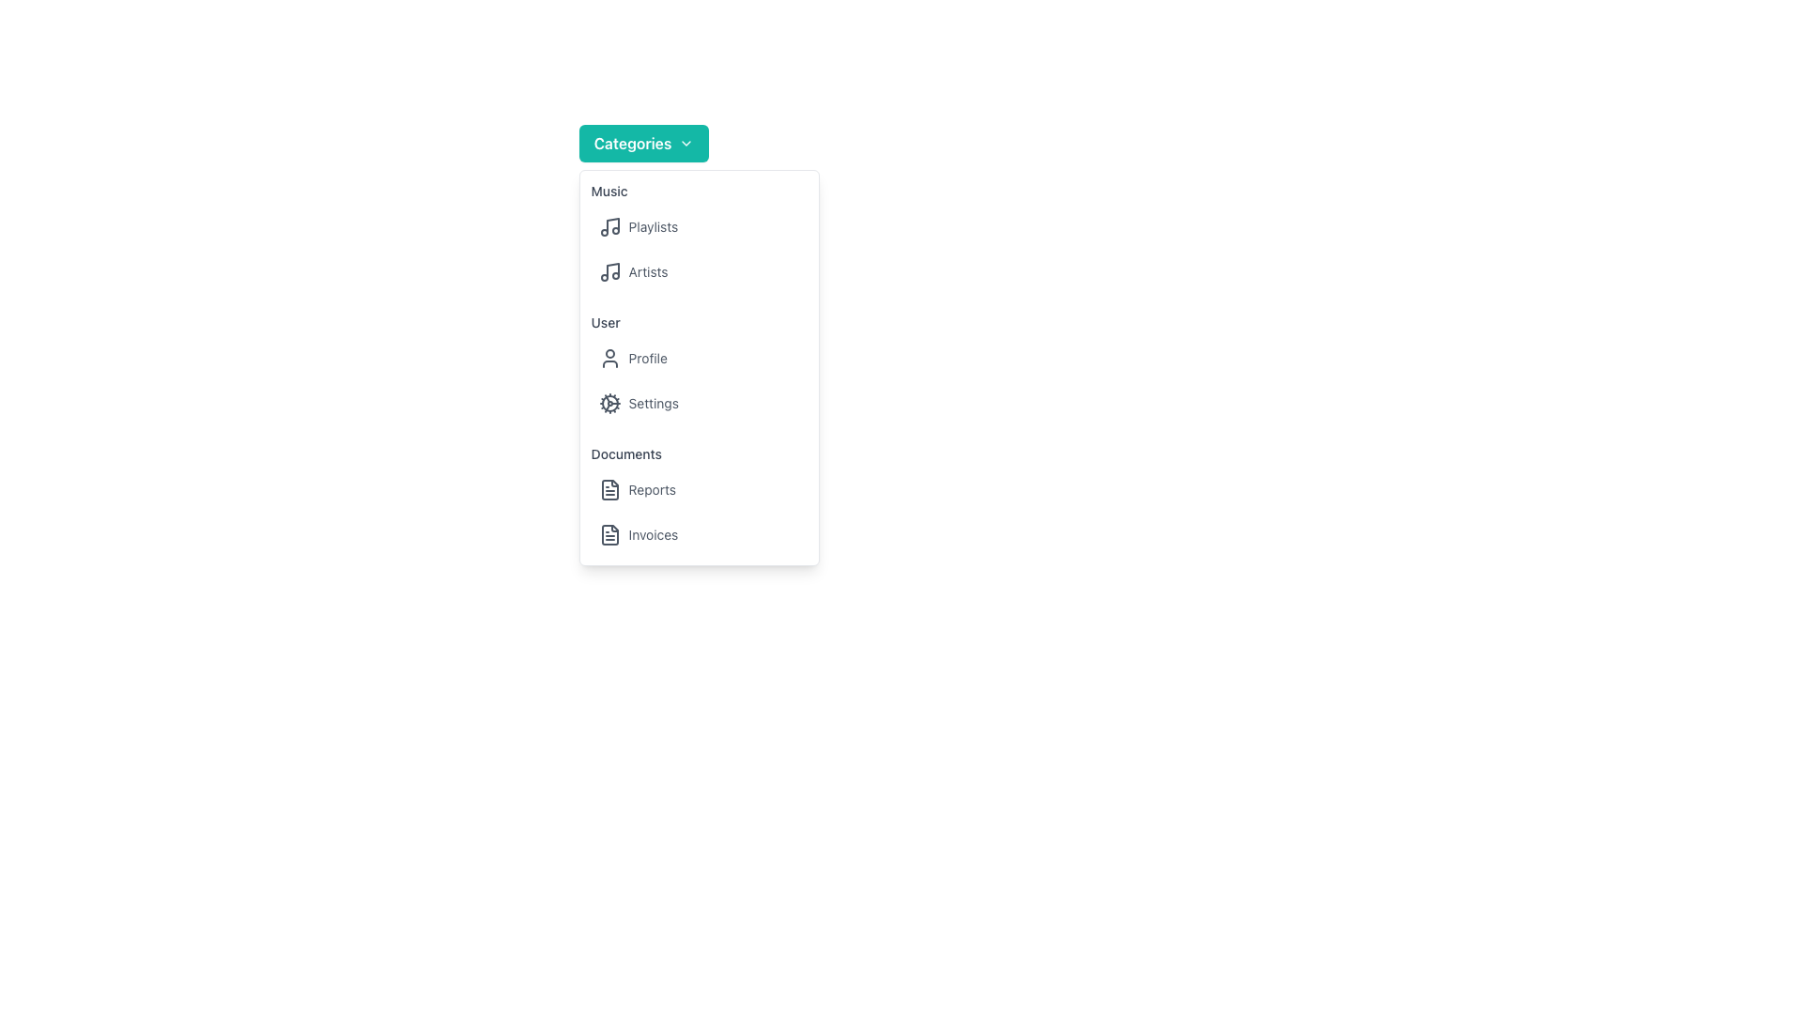 This screenshot has width=1803, height=1014. Describe the element at coordinates (609, 358) in the screenshot. I see `the user icon, which is a circular outline of a person located to the left of the 'Profile' label in the dropdown menu under the 'User' section` at that location.